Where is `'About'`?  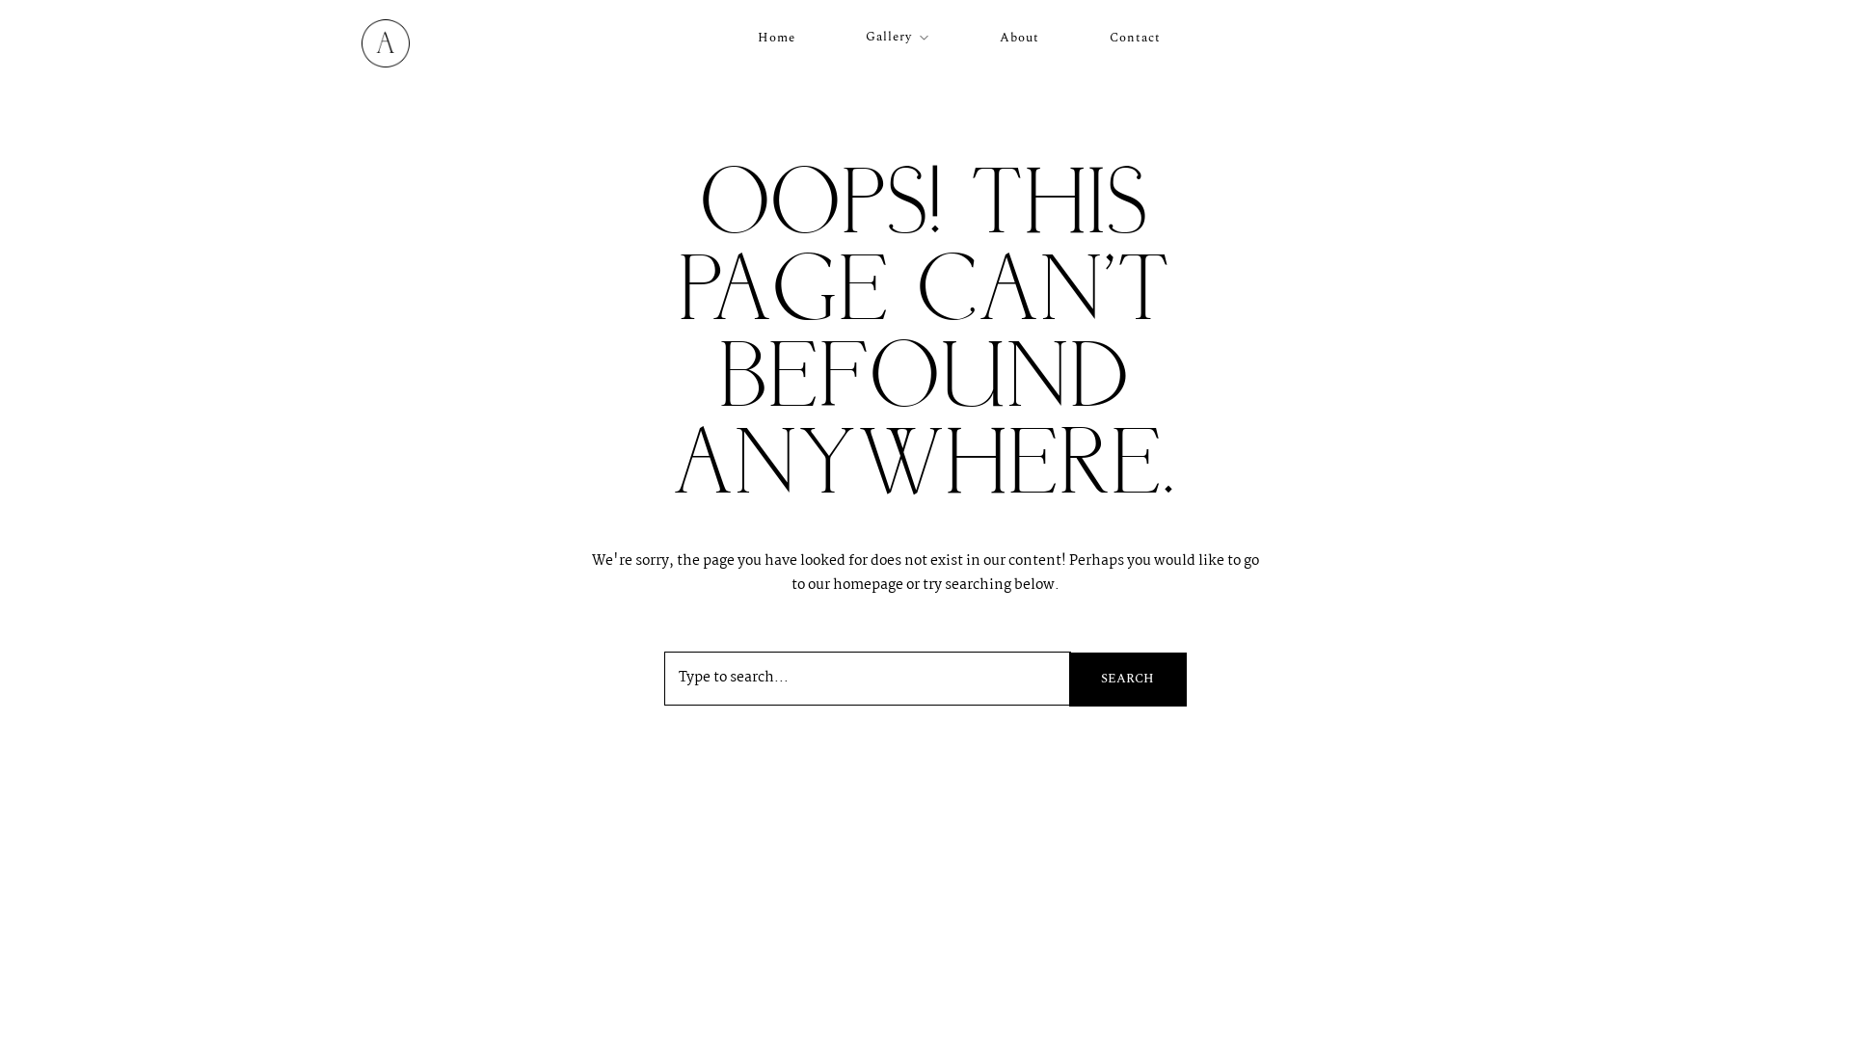
'About' is located at coordinates (999, 37).